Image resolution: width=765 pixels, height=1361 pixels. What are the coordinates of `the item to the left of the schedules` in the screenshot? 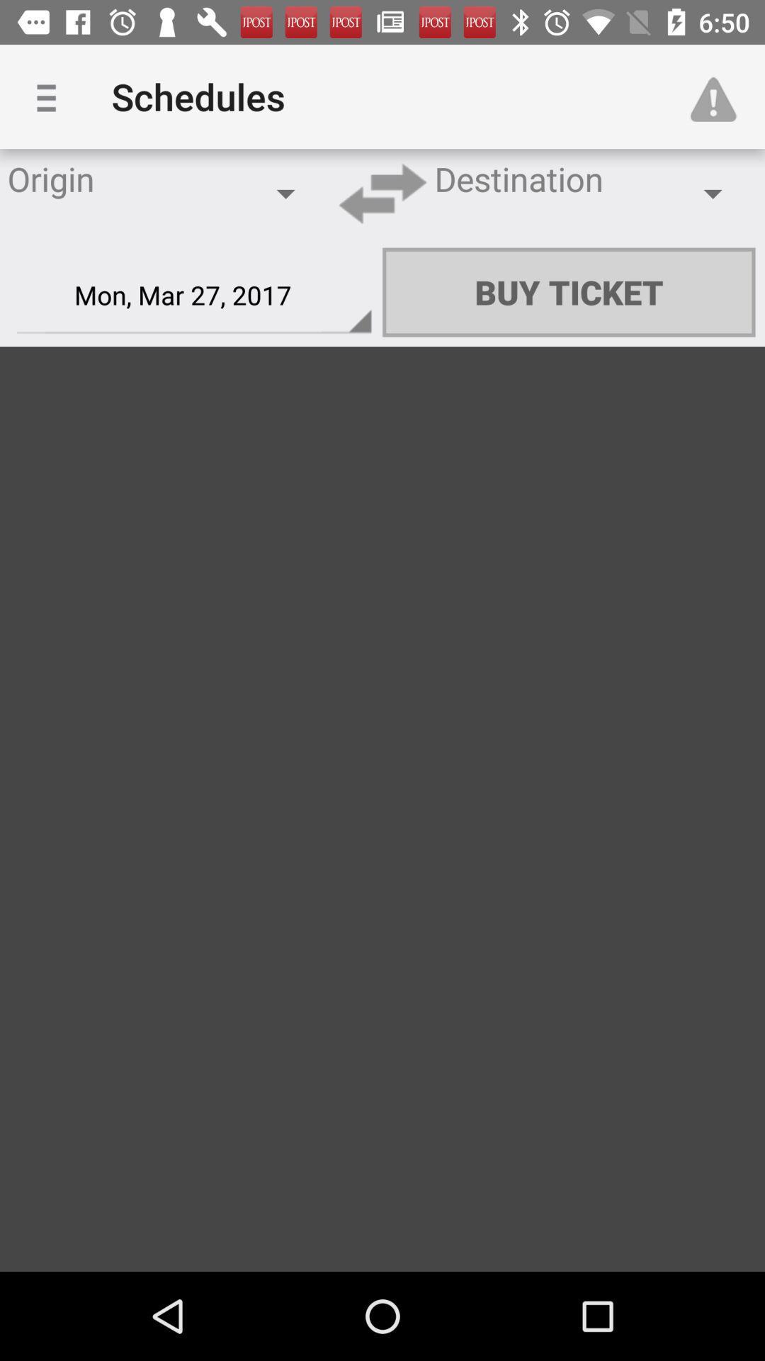 It's located at (51, 96).